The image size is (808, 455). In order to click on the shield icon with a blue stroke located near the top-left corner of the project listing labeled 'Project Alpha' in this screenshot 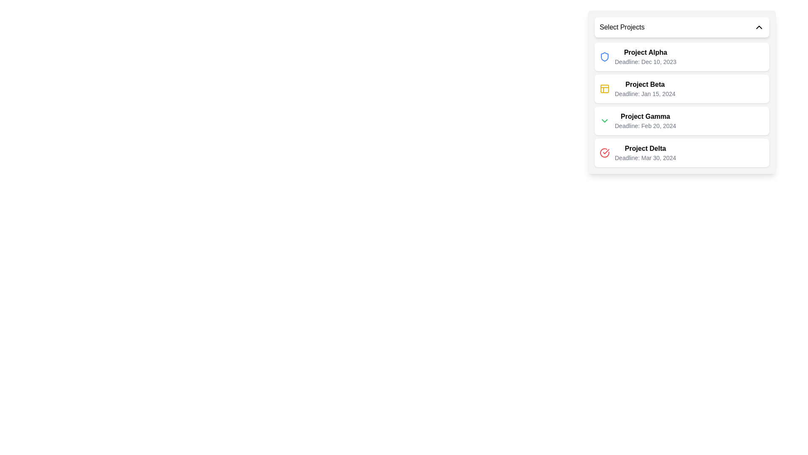, I will do `click(604, 57)`.